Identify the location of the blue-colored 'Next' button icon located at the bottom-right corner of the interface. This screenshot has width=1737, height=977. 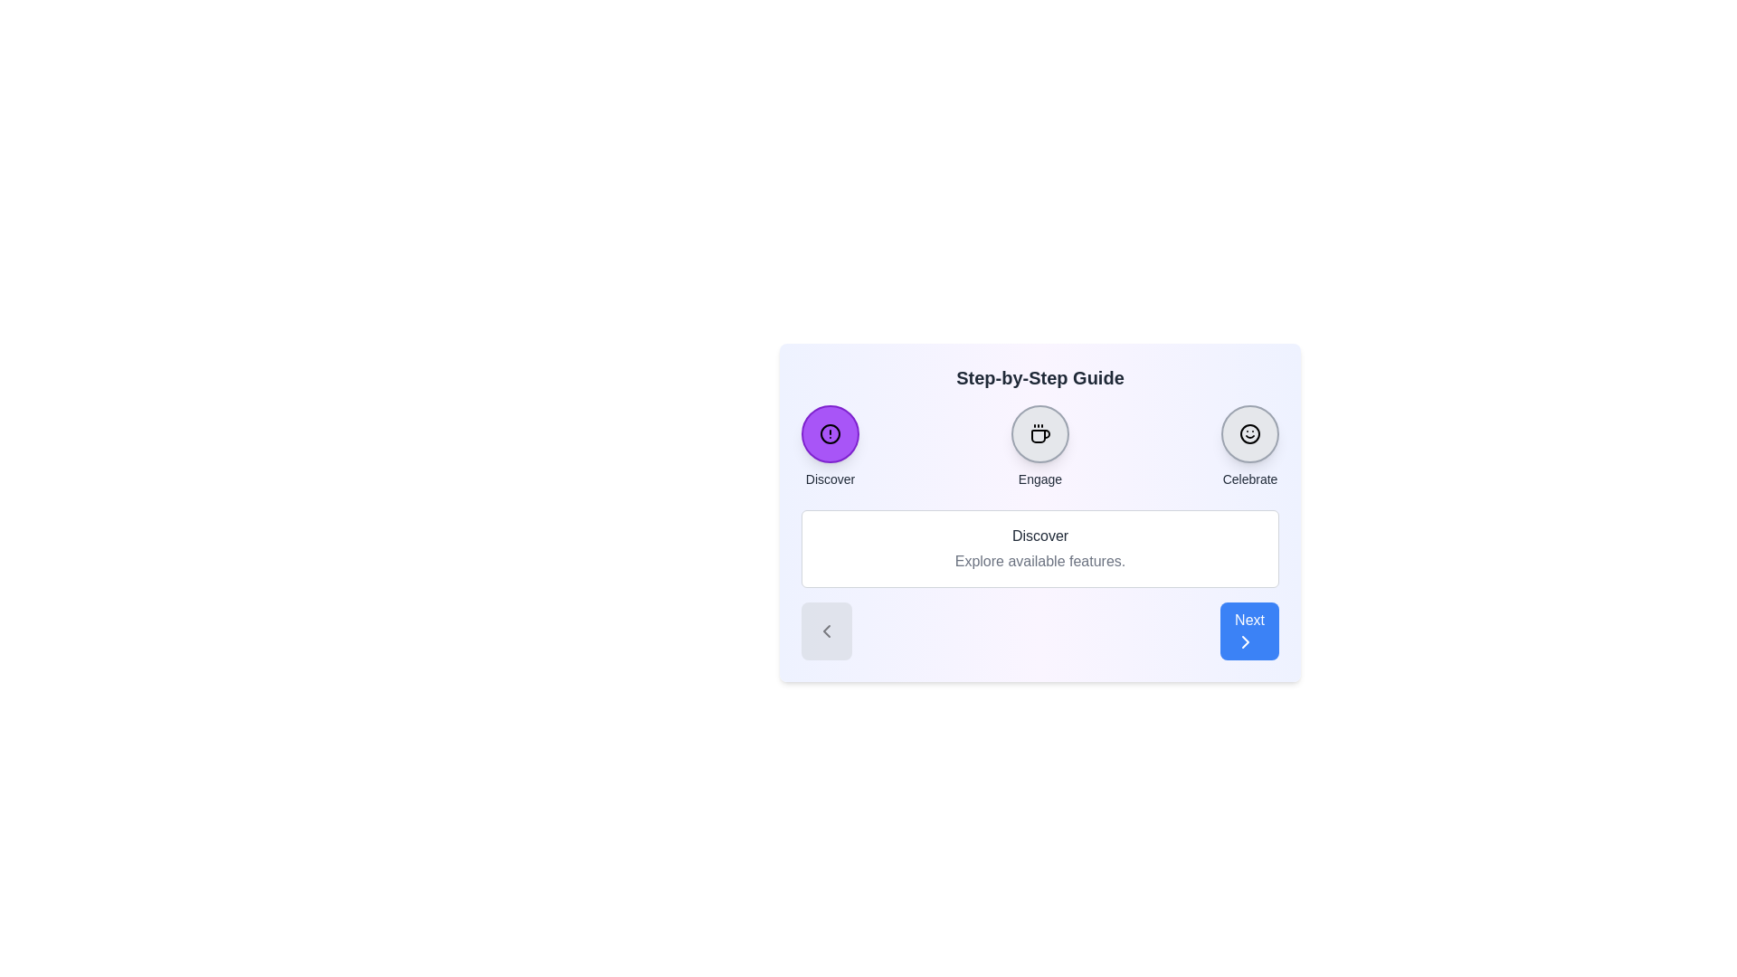
(1245, 640).